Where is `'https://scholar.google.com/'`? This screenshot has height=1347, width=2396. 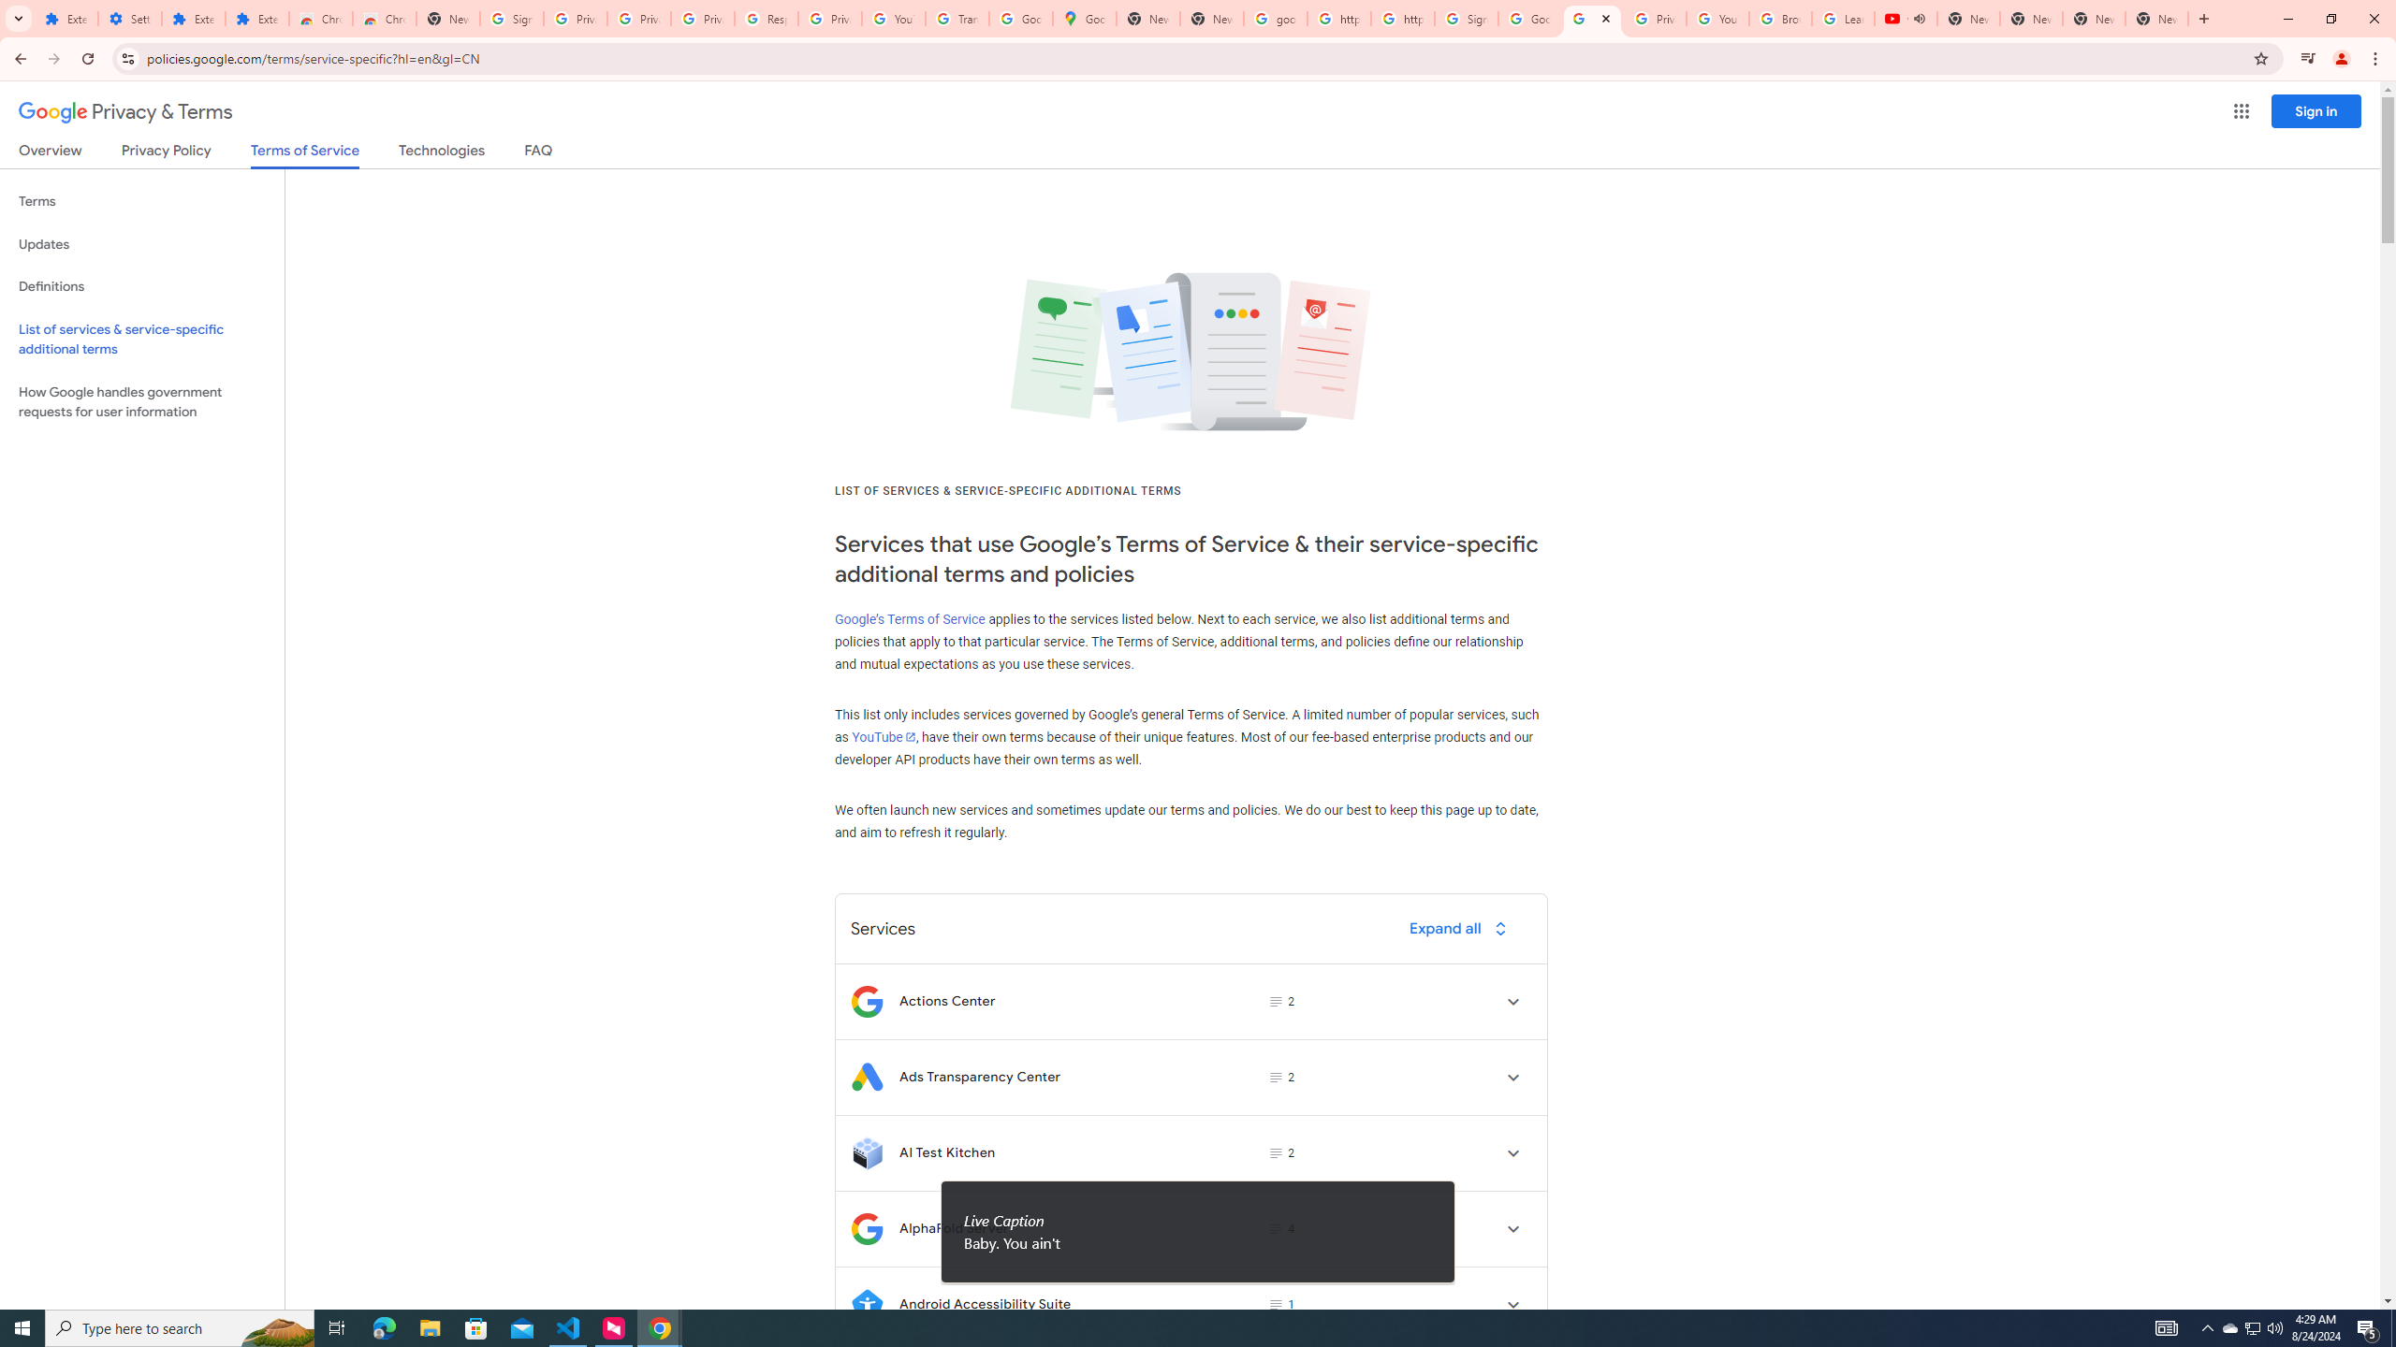
'https://scholar.google.com/' is located at coordinates (1401, 18).